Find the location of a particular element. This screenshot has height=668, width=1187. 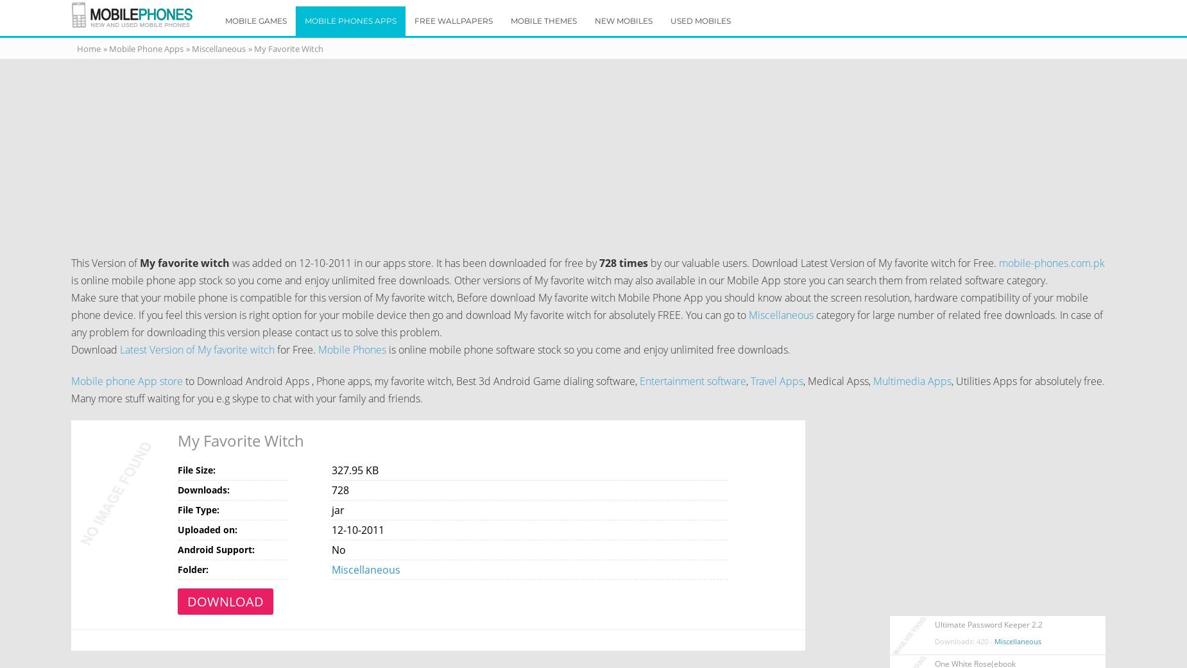

', Utilities Apps for absolutely free. Many more stuff waiting for you e.g skype to chat with your family and friends.' is located at coordinates (588, 390).